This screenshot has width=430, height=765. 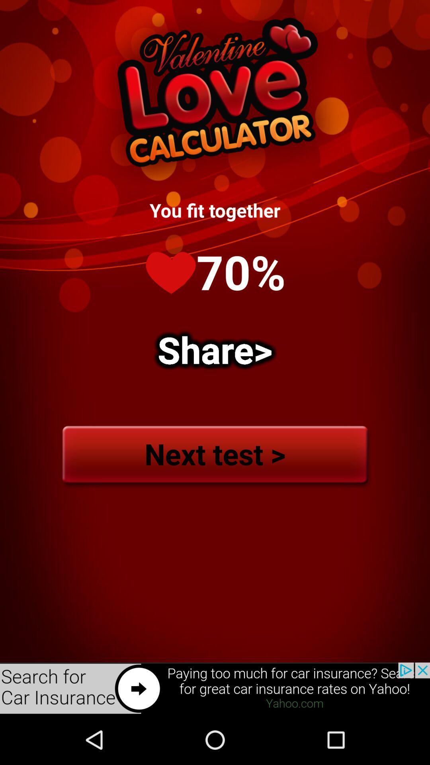 What do you see at coordinates (215, 688) in the screenshot?
I see `to search about car insurance` at bounding box center [215, 688].